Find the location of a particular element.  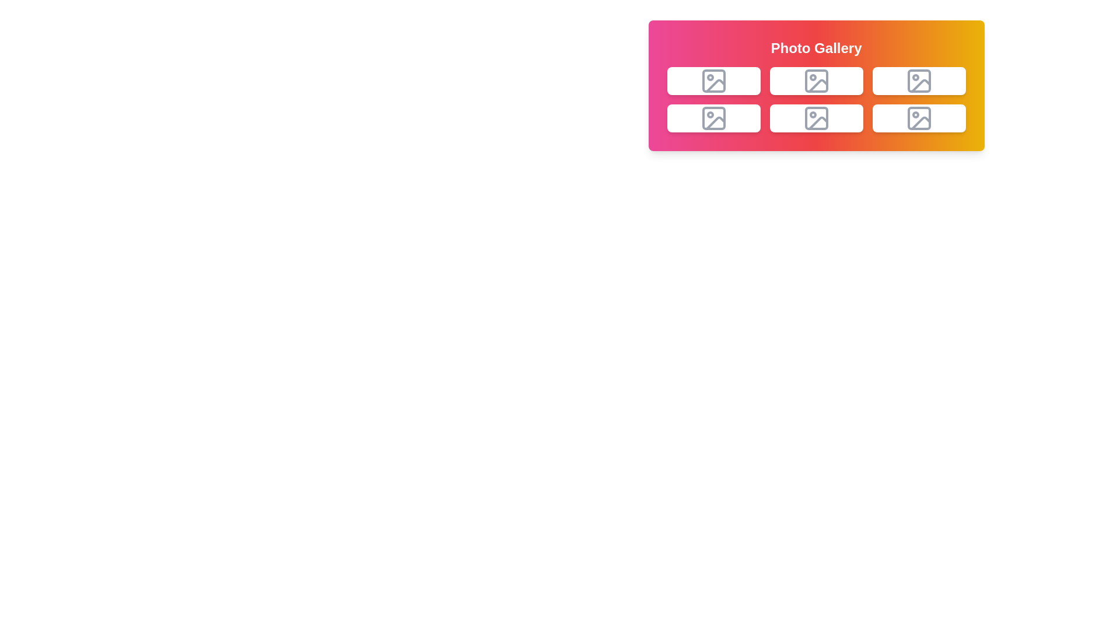

the first circular button with a white background and a blue eye icon is located at coordinates (800, 118).